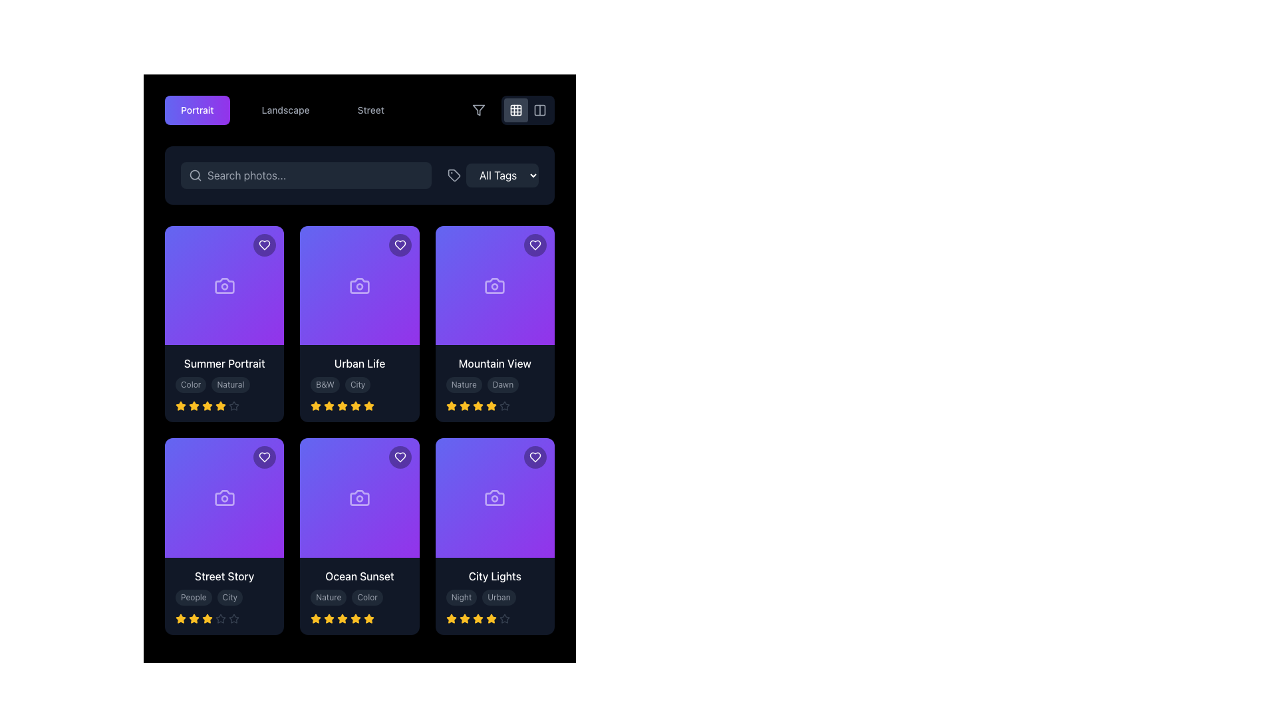 The image size is (1277, 718). Describe the element at coordinates (535, 457) in the screenshot. I see `the heart-shaped icon button located at the top-right corner of the 'City Lights' card` at that location.